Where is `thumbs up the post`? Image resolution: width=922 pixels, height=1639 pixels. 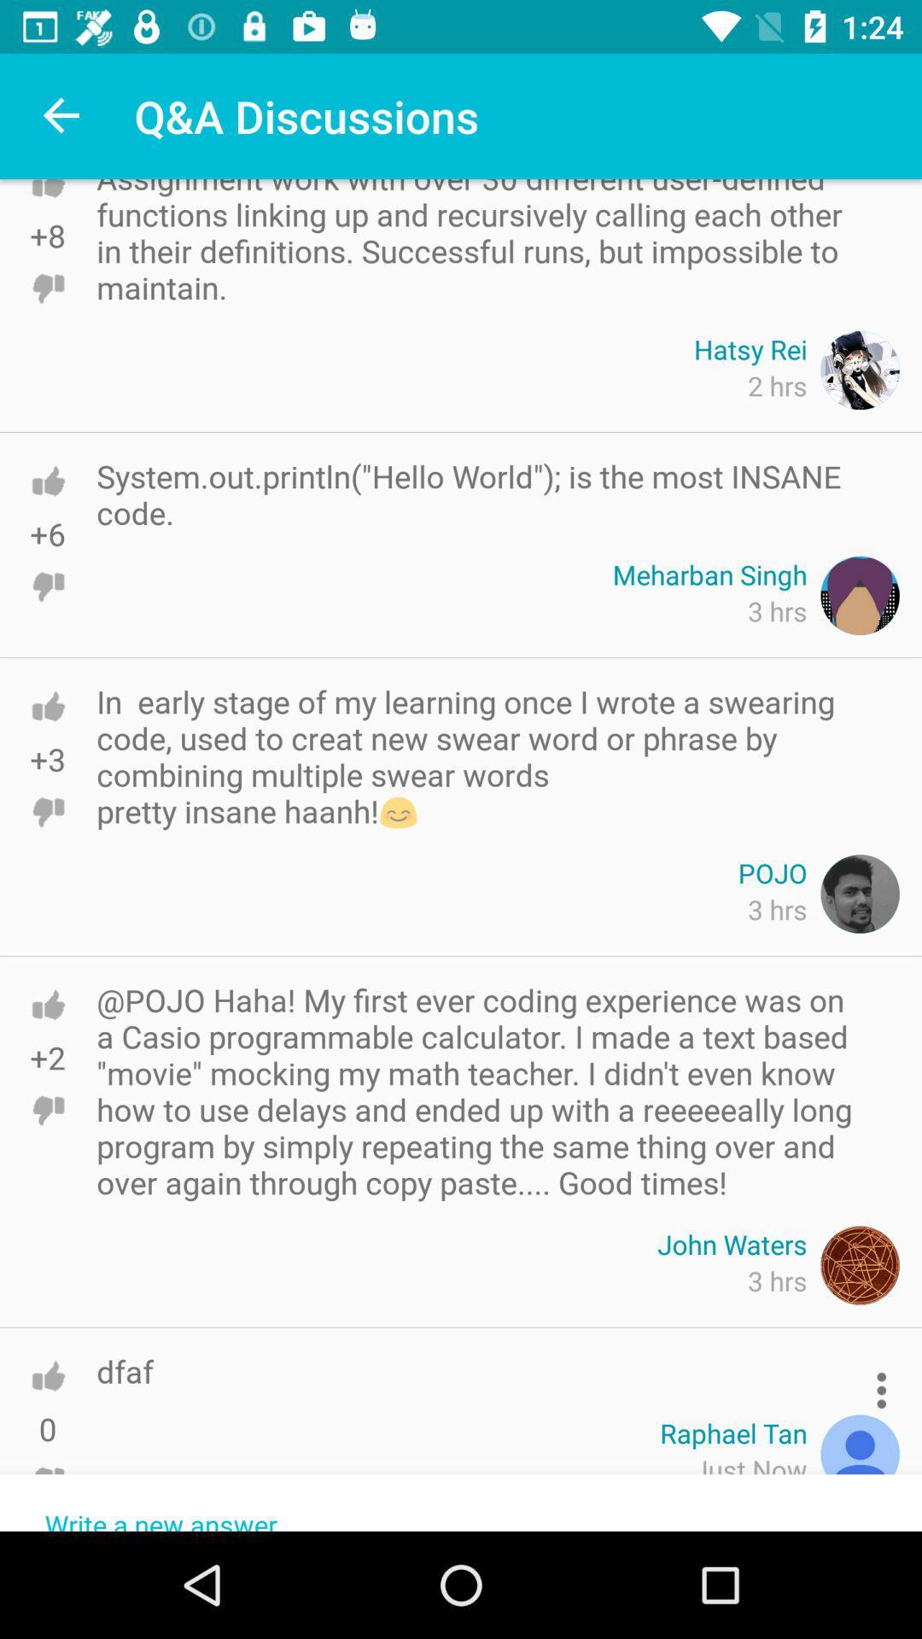 thumbs up the post is located at coordinates (47, 205).